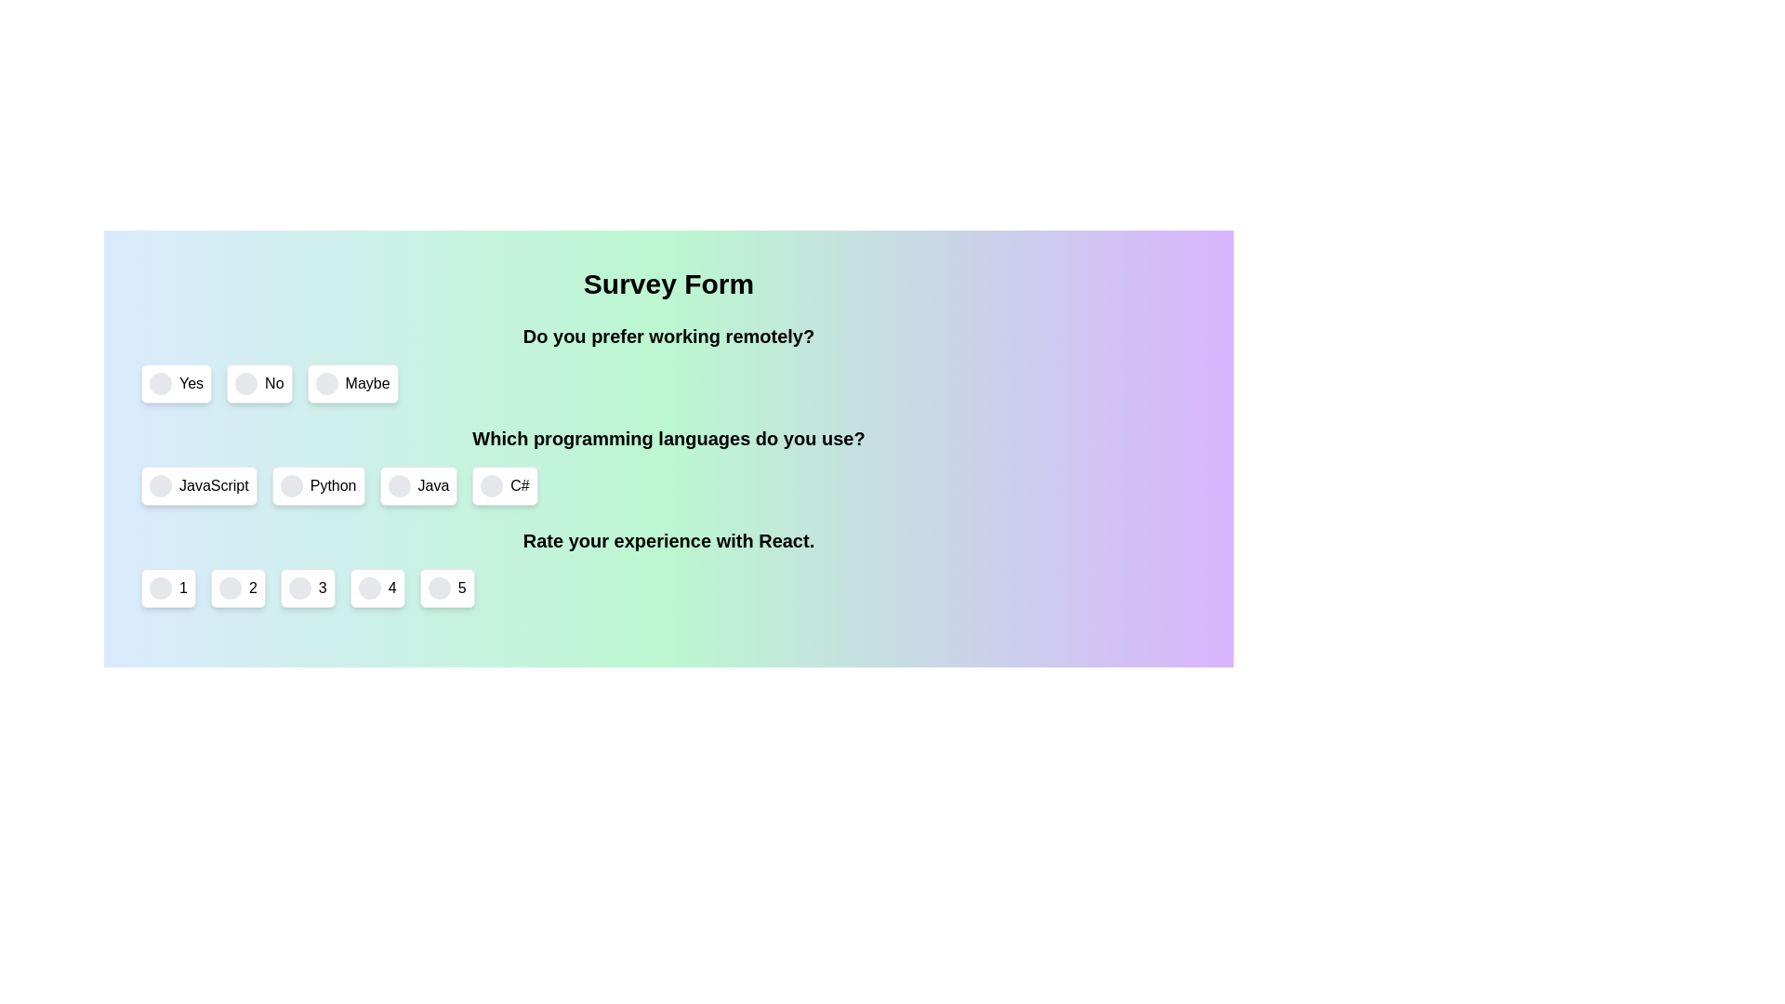 Image resolution: width=1785 pixels, height=1004 pixels. Describe the element at coordinates (192, 382) in the screenshot. I see `the static text label that indicates 'Yes' for the radio button regarding remote work preferences, which is positioned to the right of the corresponding radio button` at that location.